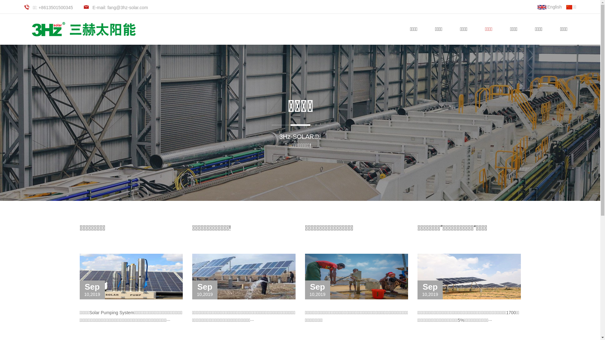 This screenshot has height=340, width=605. I want to click on 'English', so click(549, 7).